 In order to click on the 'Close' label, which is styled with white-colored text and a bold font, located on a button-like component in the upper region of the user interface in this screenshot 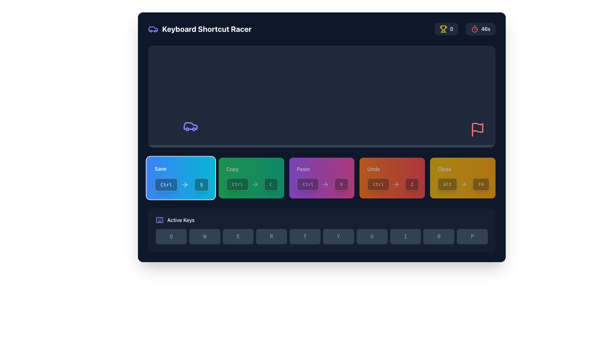, I will do `click(444, 169)`.